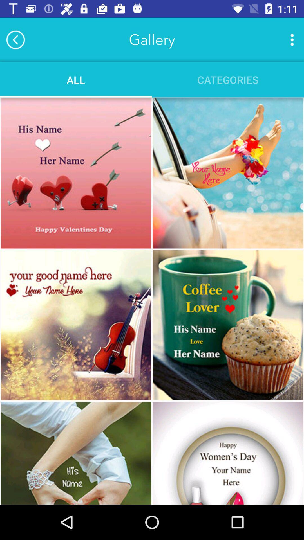 The image size is (304, 540). What do you see at coordinates (292, 39) in the screenshot?
I see `item next to the gallery item` at bounding box center [292, 39].